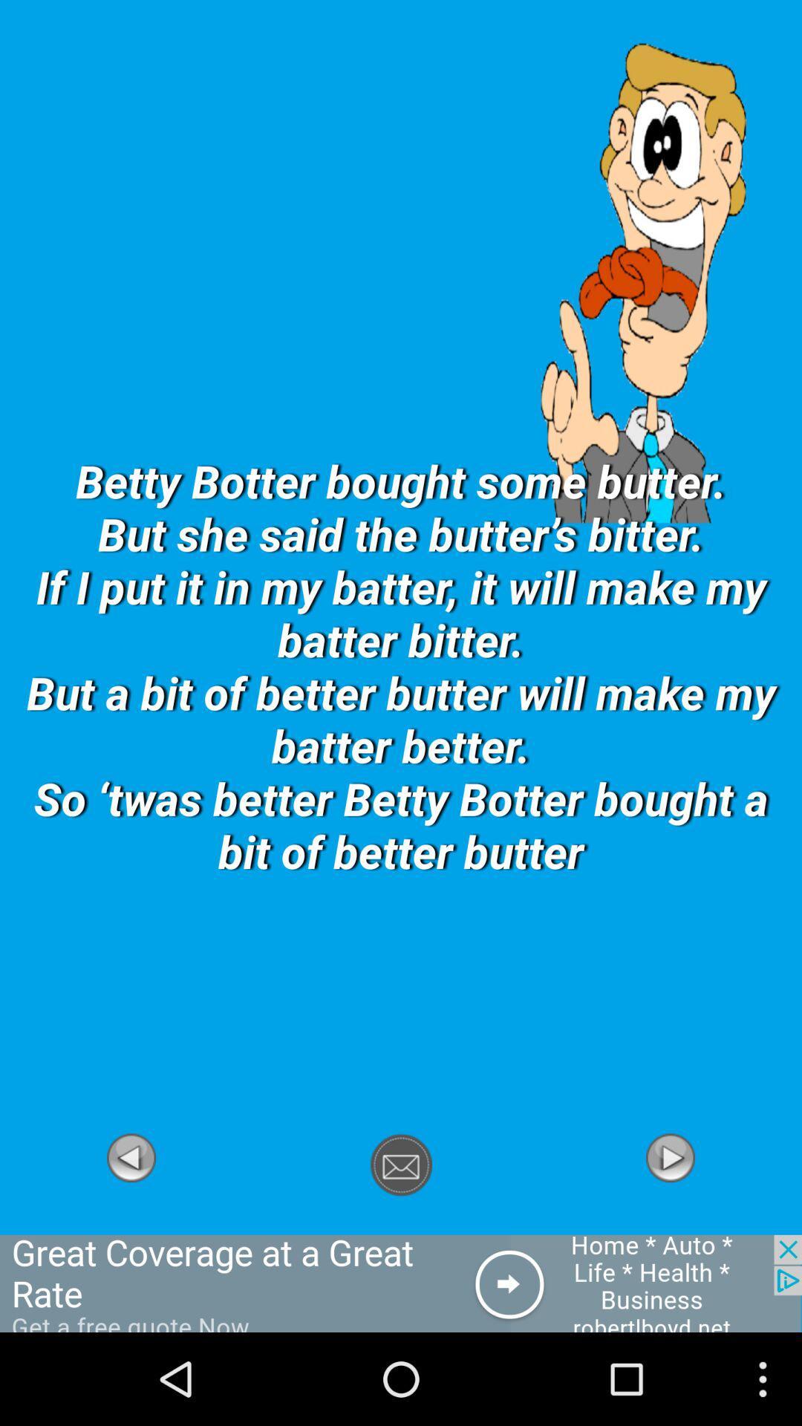 This screenshot has width=802, height=1426. What do you see at coordinates (401, 1283) in the screenshot?
I see `banner` at bounding box center [401, 1283].